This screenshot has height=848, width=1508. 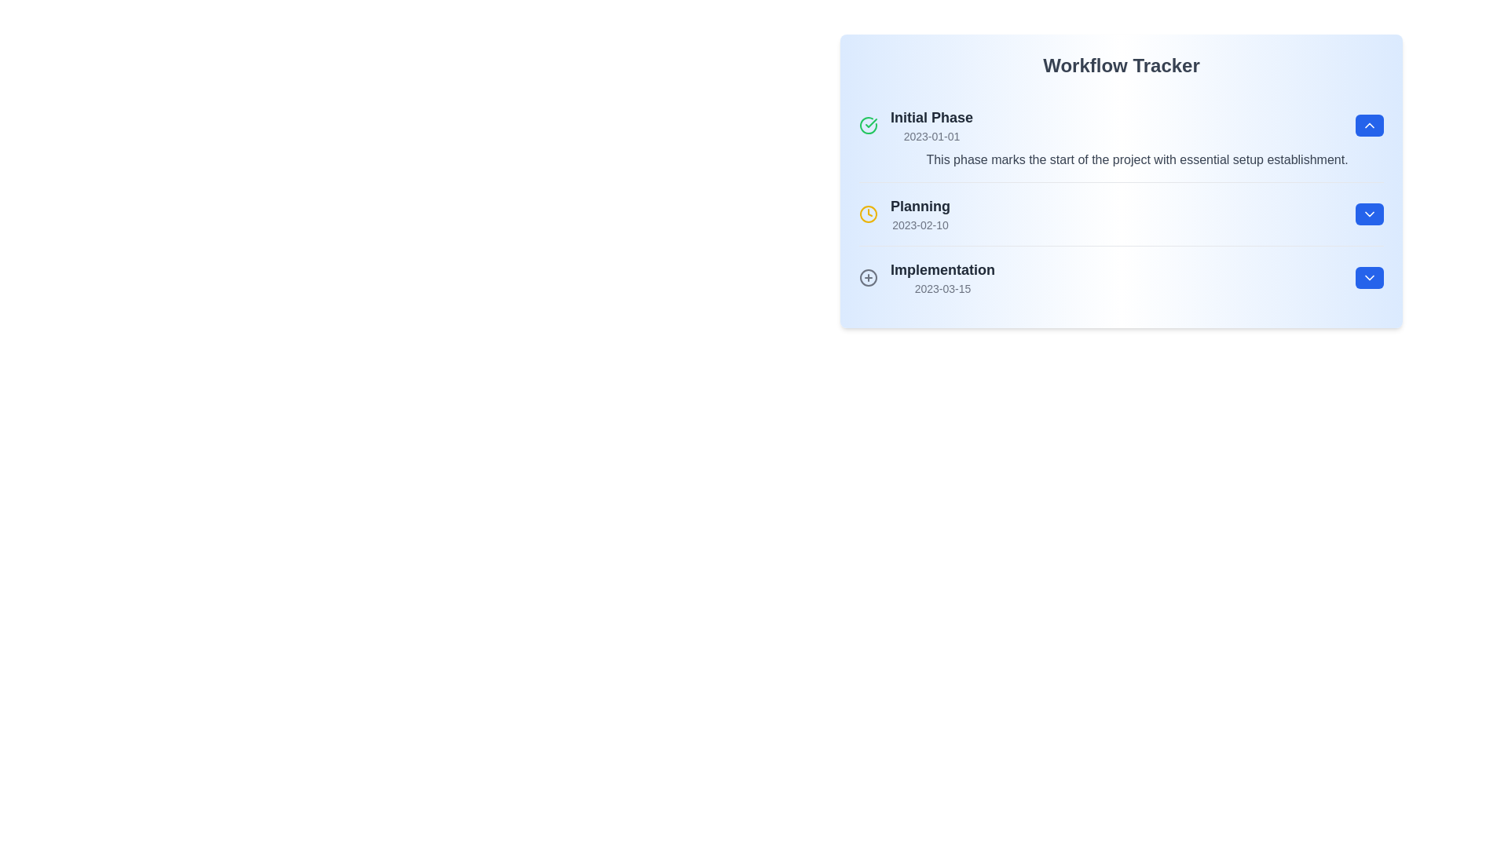 I want to click on the header text indicating the current phase, which is located in the third section of the Workflow Tracker interface, specifically the 'Implementation' phase, so click(x=942, y=269).